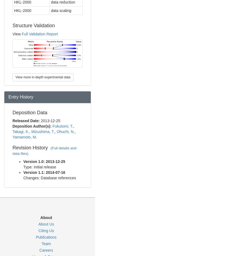 The width and height of the screenshot is (249, 256). I want to click on '2013-12-25', so click(51, 121).